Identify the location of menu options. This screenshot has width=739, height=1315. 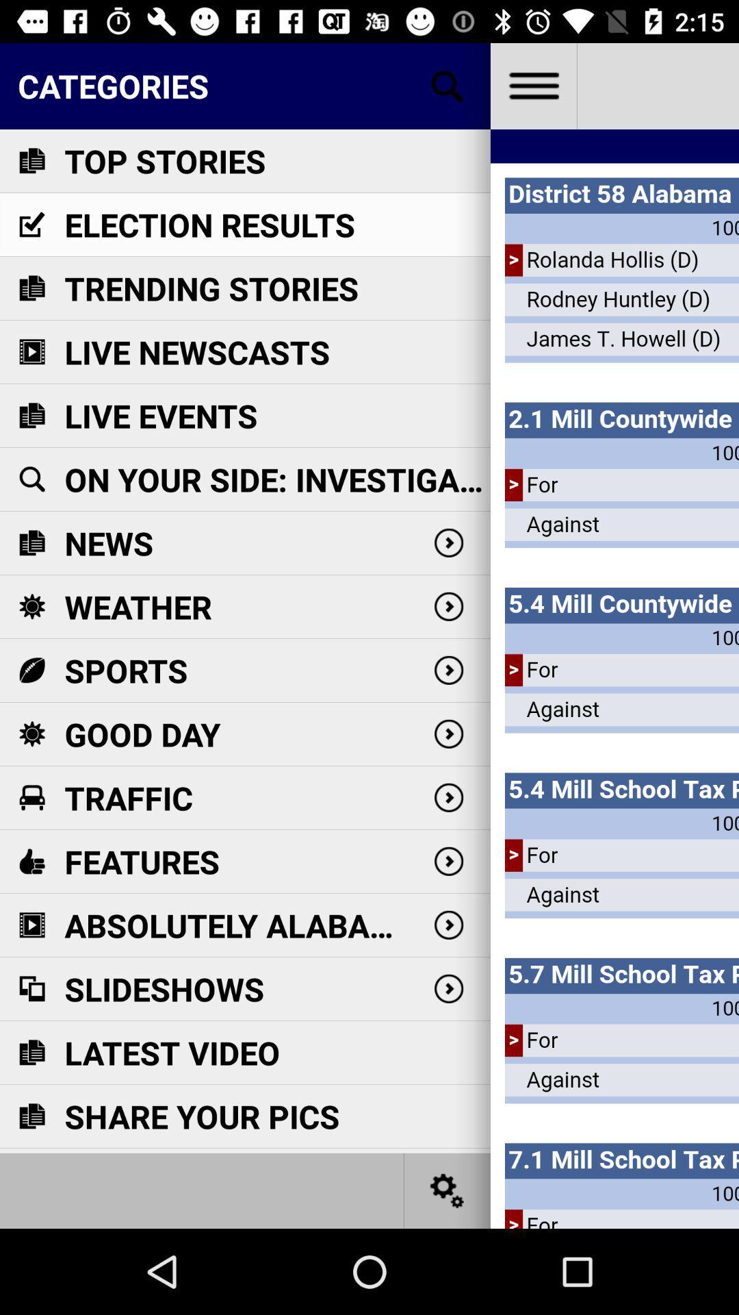
(532, 85).